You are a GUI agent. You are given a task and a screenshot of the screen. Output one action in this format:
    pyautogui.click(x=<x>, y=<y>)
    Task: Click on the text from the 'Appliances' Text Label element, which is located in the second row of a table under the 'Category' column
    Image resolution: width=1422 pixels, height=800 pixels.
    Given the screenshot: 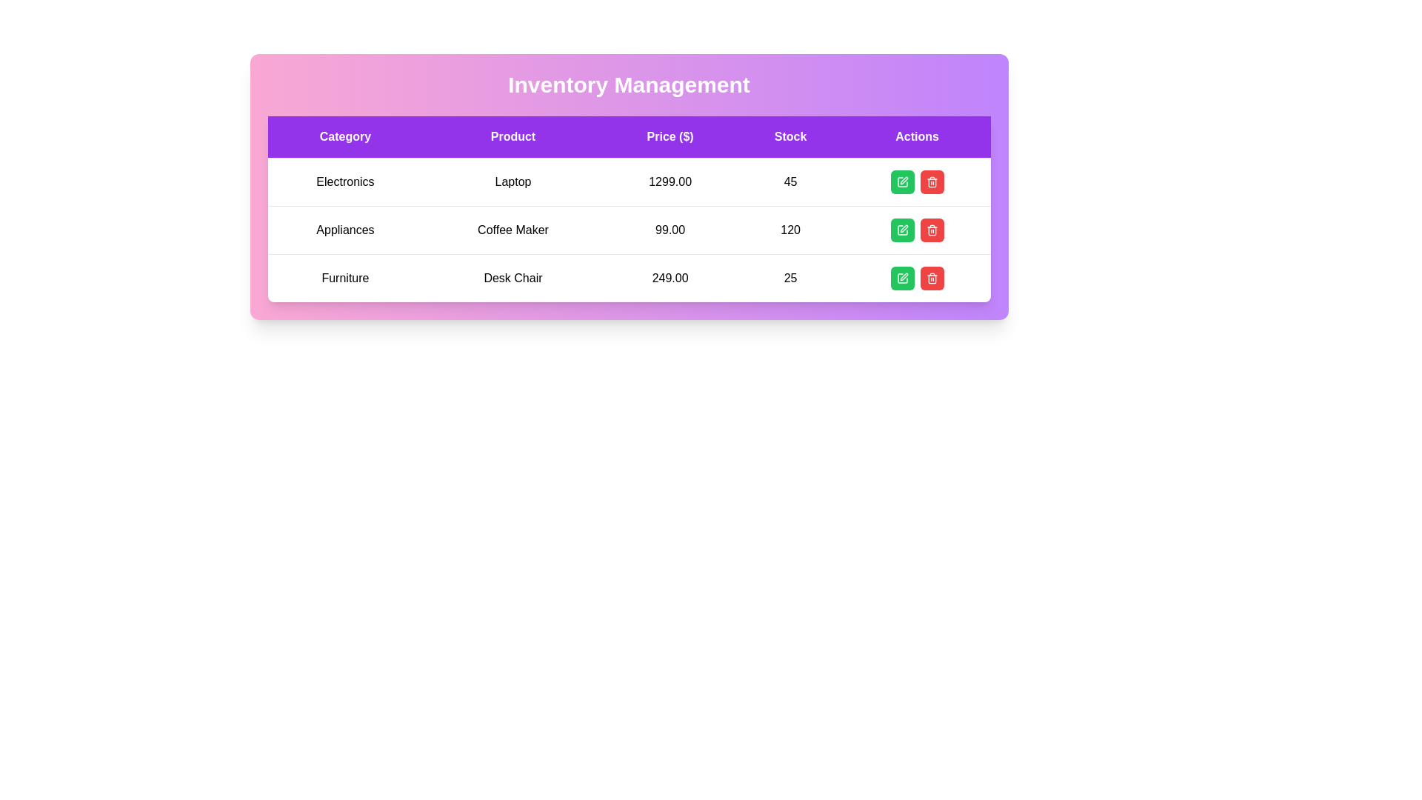 What is the action you would take?
    pyautogui.click(x=344, y=230)
    